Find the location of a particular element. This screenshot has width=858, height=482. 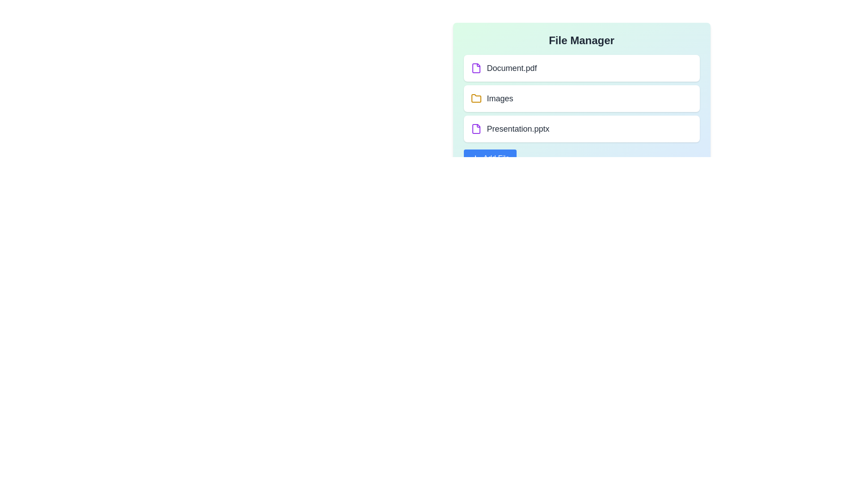

the item Images from the list is located at coordinates (581, 98).